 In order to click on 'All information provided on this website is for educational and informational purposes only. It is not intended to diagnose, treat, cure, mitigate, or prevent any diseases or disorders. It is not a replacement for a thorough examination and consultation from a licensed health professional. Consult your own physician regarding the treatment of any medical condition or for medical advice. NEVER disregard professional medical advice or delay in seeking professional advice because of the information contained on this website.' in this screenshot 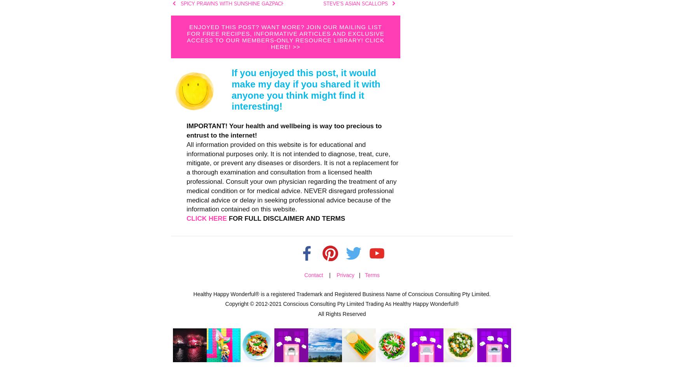, I will do `click(292, 176)`.